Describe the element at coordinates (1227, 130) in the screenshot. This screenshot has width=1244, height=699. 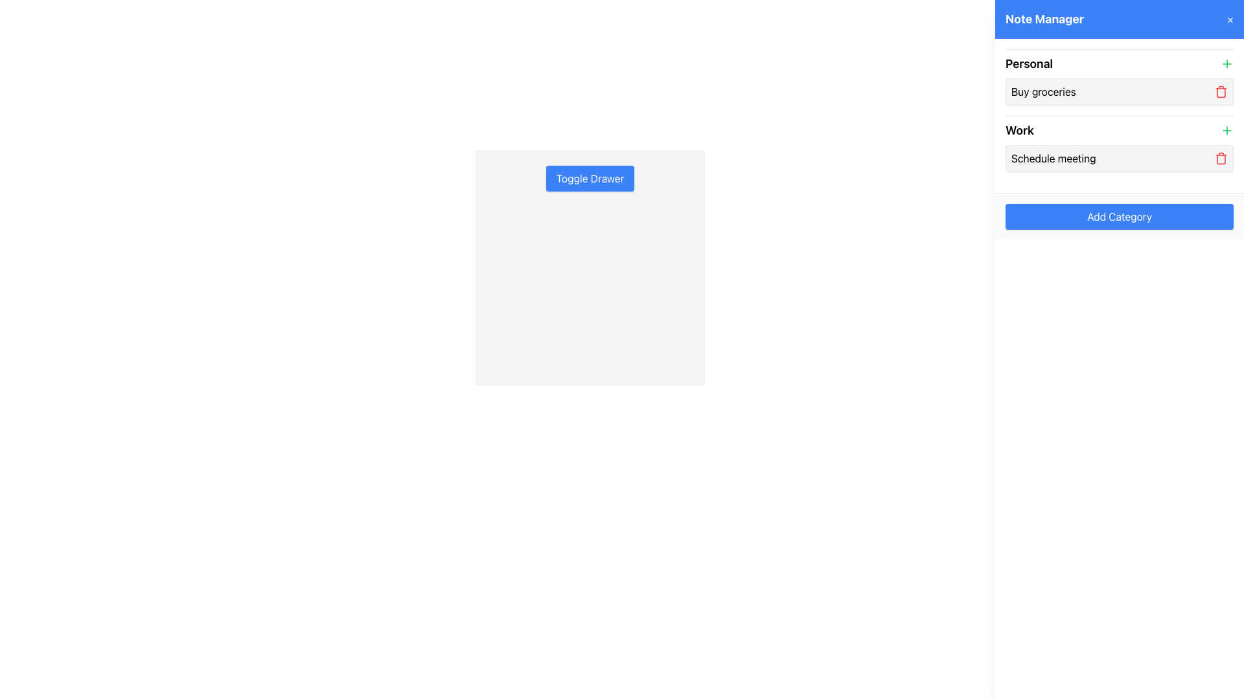
I see `the small green plus icon located to the right of the 'Work' text heading to change its color` at that location.